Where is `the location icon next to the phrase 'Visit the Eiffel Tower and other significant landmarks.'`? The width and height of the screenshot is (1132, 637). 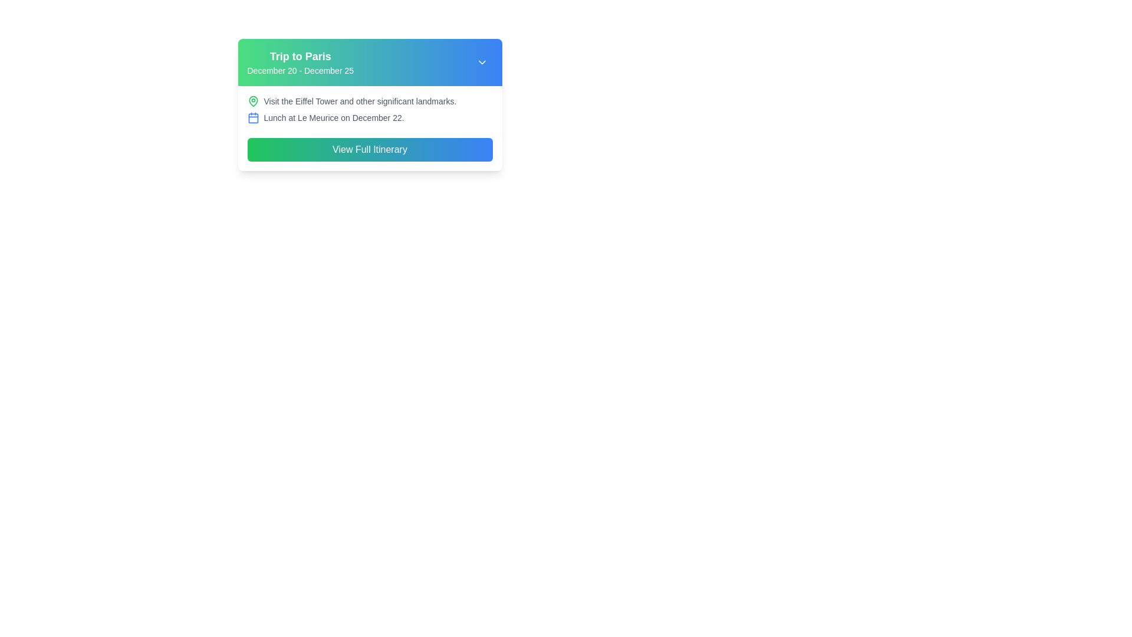 the location icon next to the phrase 'Visit the Eiffel Tower and other significant landmarks.' is located at coordinates (252, 101).